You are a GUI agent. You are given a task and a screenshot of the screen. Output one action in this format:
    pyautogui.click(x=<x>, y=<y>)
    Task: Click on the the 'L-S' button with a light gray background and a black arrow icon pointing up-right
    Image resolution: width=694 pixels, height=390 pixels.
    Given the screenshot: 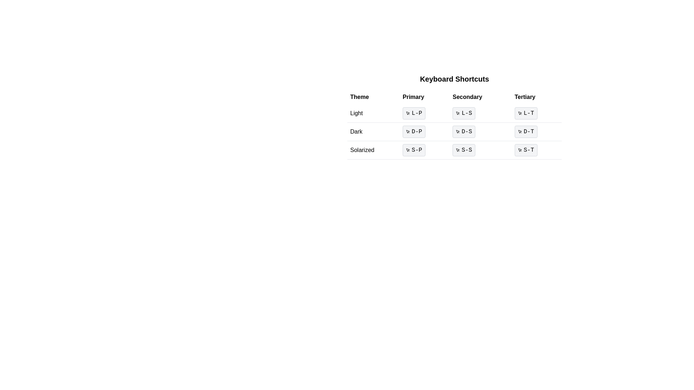 What is the action you would take?
    pyautogui.click(x=454, y=113)
    